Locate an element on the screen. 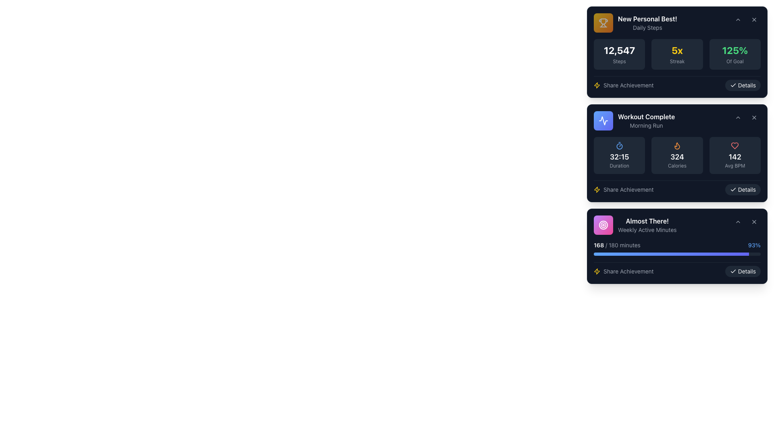  the chevron button in the upper-right corner of the 'Workout Complete' panel is located at coordinates (746, 118).